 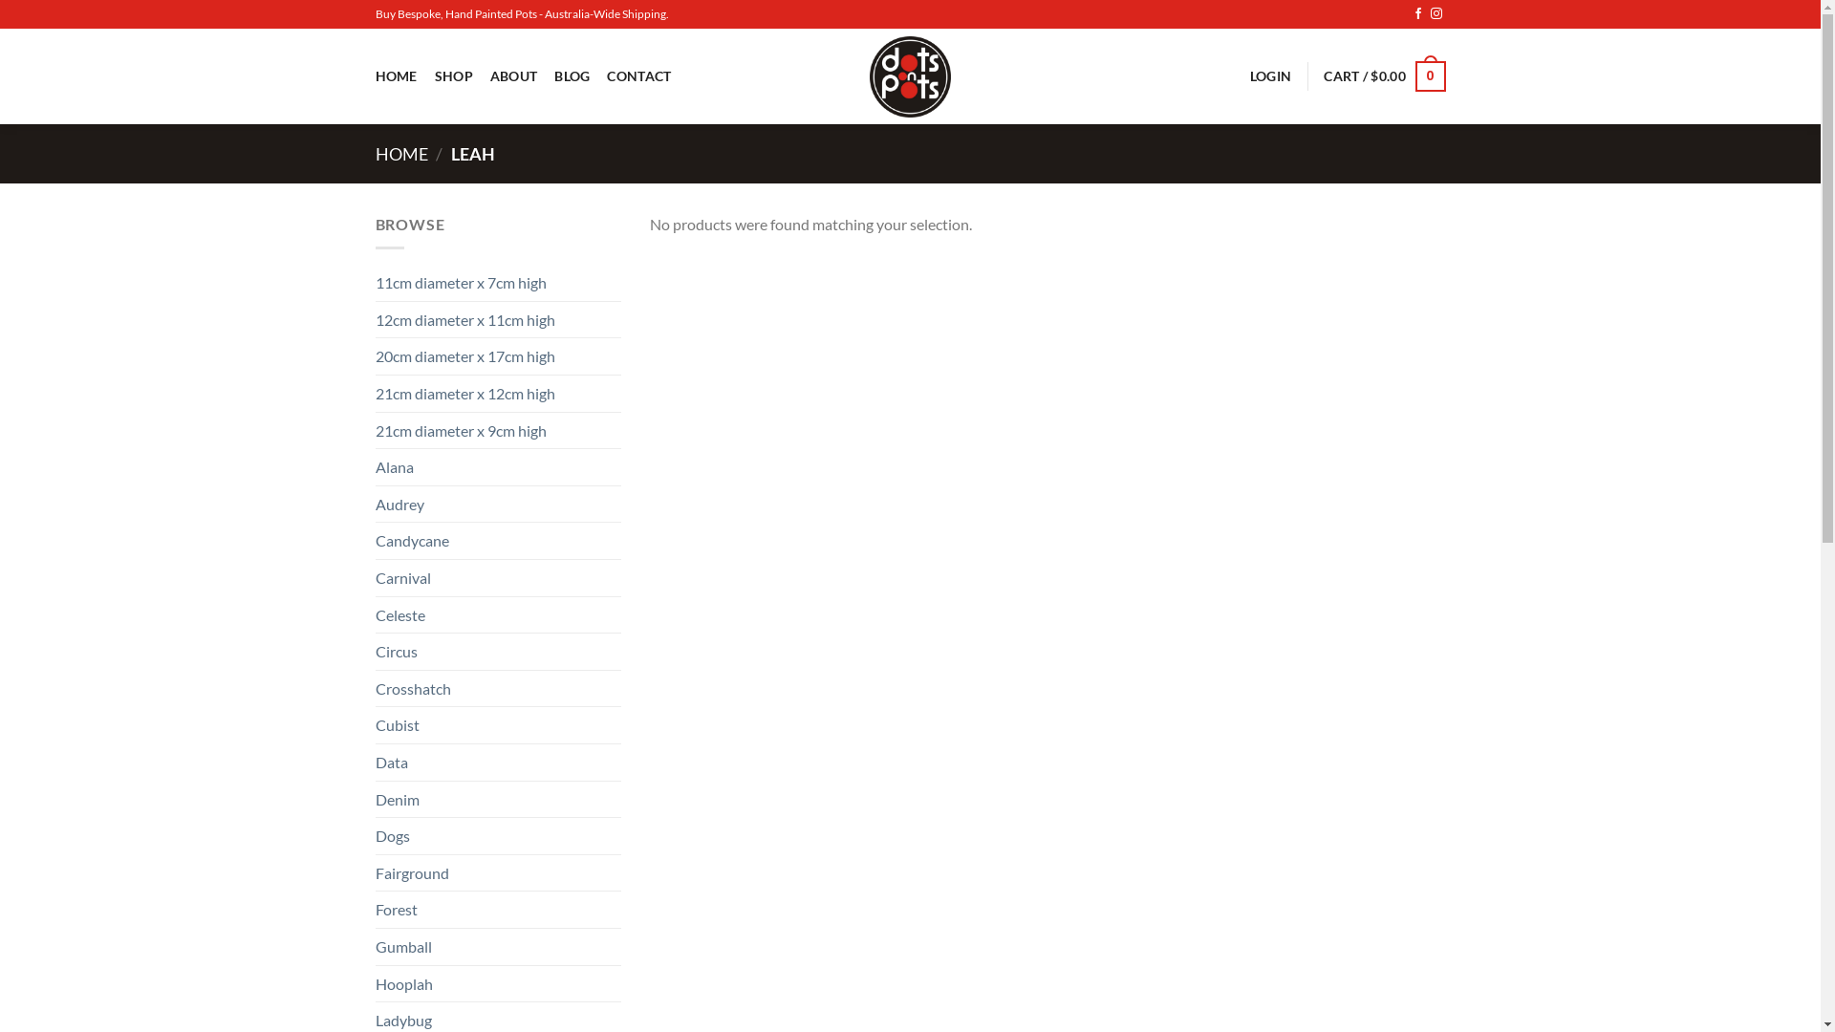 I want to click on 'Follow on Instagram', so click(x=1436, y=14).